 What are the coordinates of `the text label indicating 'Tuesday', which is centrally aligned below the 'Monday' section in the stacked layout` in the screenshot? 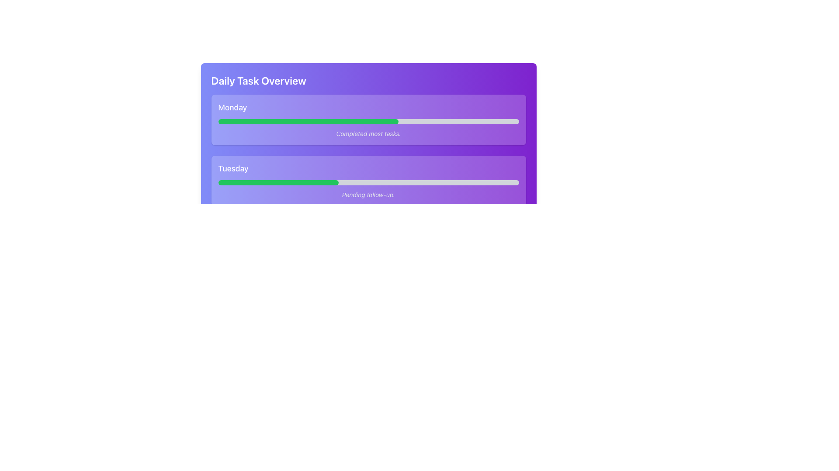 It's located at (233, 168).